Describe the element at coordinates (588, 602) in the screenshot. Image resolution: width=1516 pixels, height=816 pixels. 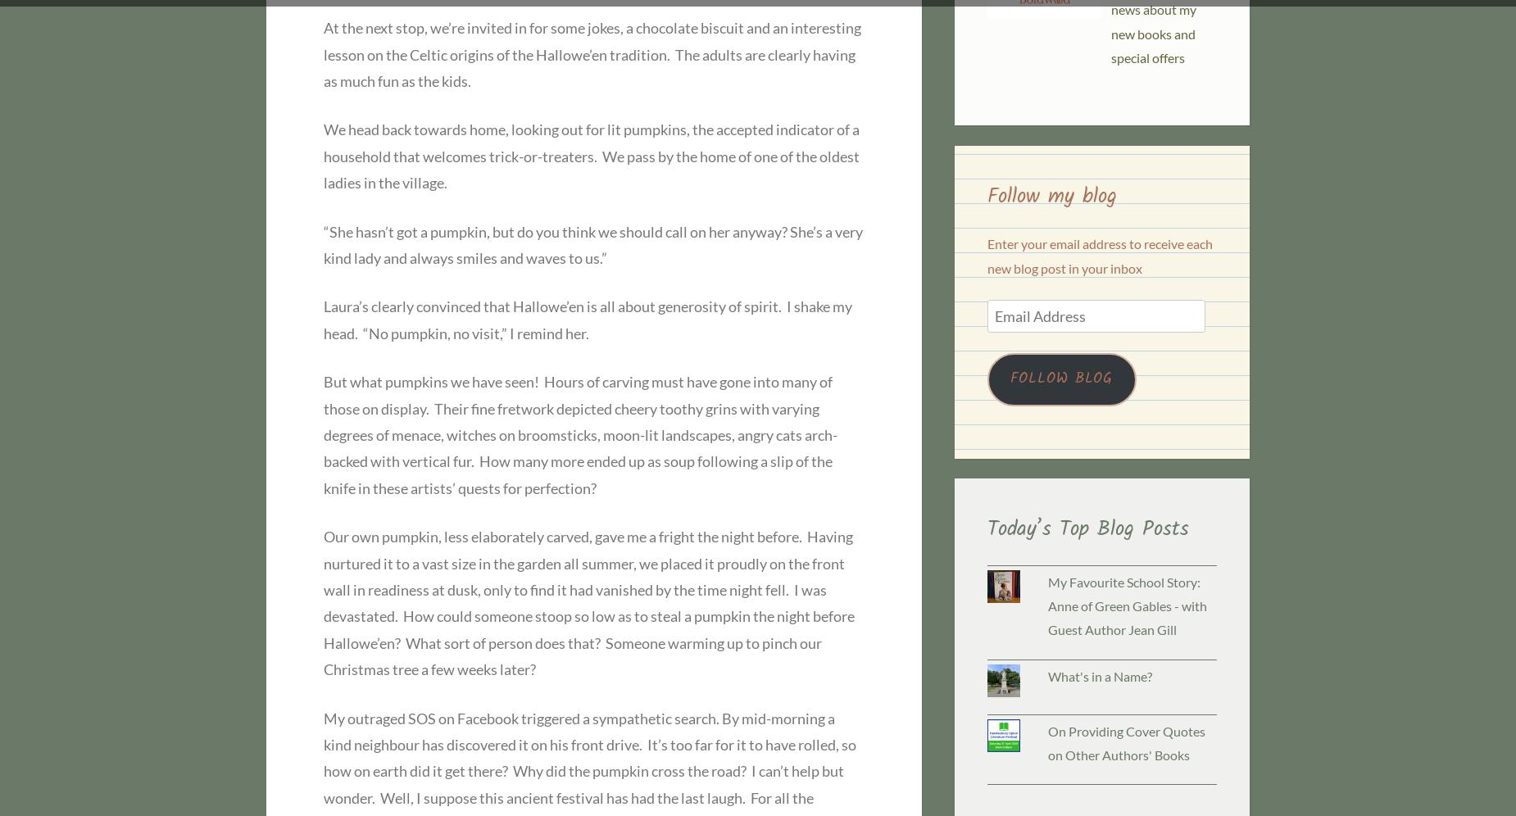
I see `'Our own pumpkin, less elaborately carved, gave me a fright the night before.  Having nurtured it to a vast size in the garden all summer, we placed it proudly on the front wall in readiness at dusk, only to find it had vanished by the time night fell.  I was devastated.  How could someone stoop so low as to steal a pumpkin the night before Hallowe’en?  What sort of person does that?  Someone warming up to pinch our Christmas tree a few weeks later?'` at that location.